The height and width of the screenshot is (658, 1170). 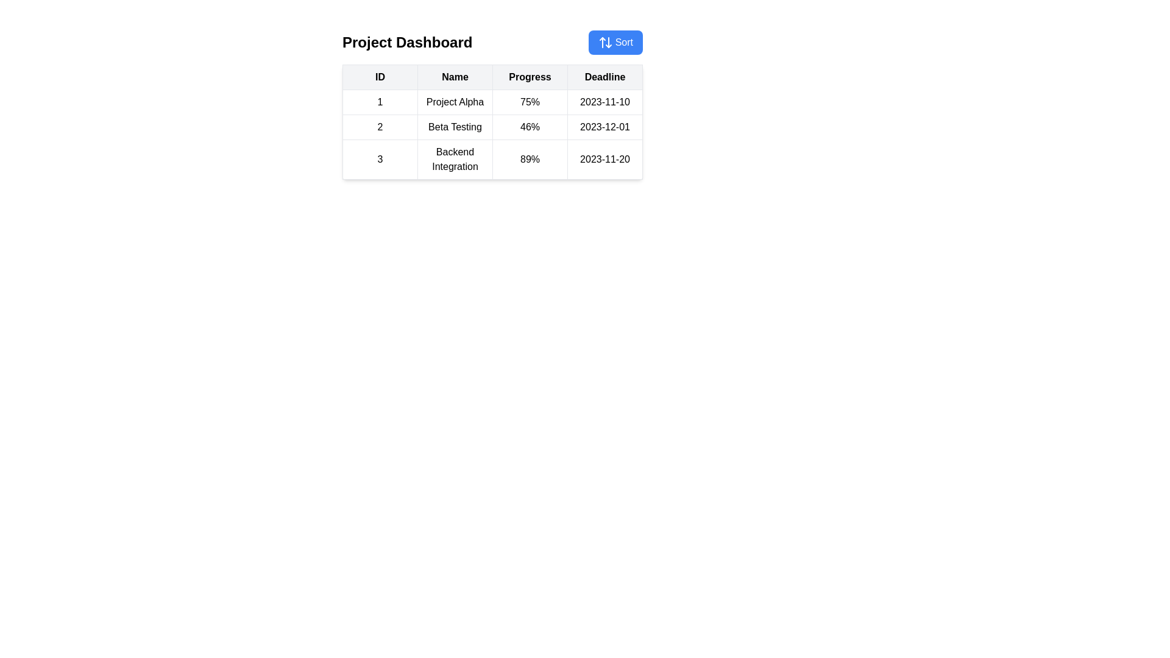 I want to click on the static text element that serves as an identifier in the first column of the second row of the table under the 'ID' heading, so click(x=380, y=127).